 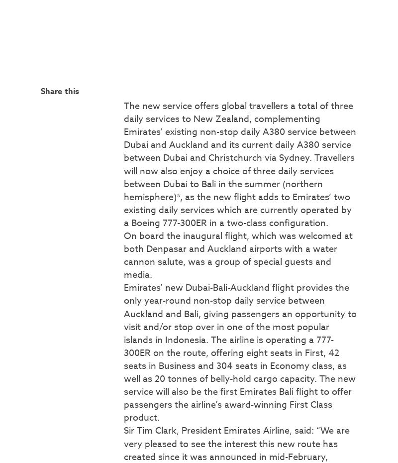 I want to click on 'By clicking the Accept button, you agree to us doing so.', so click(x=123, y=12).